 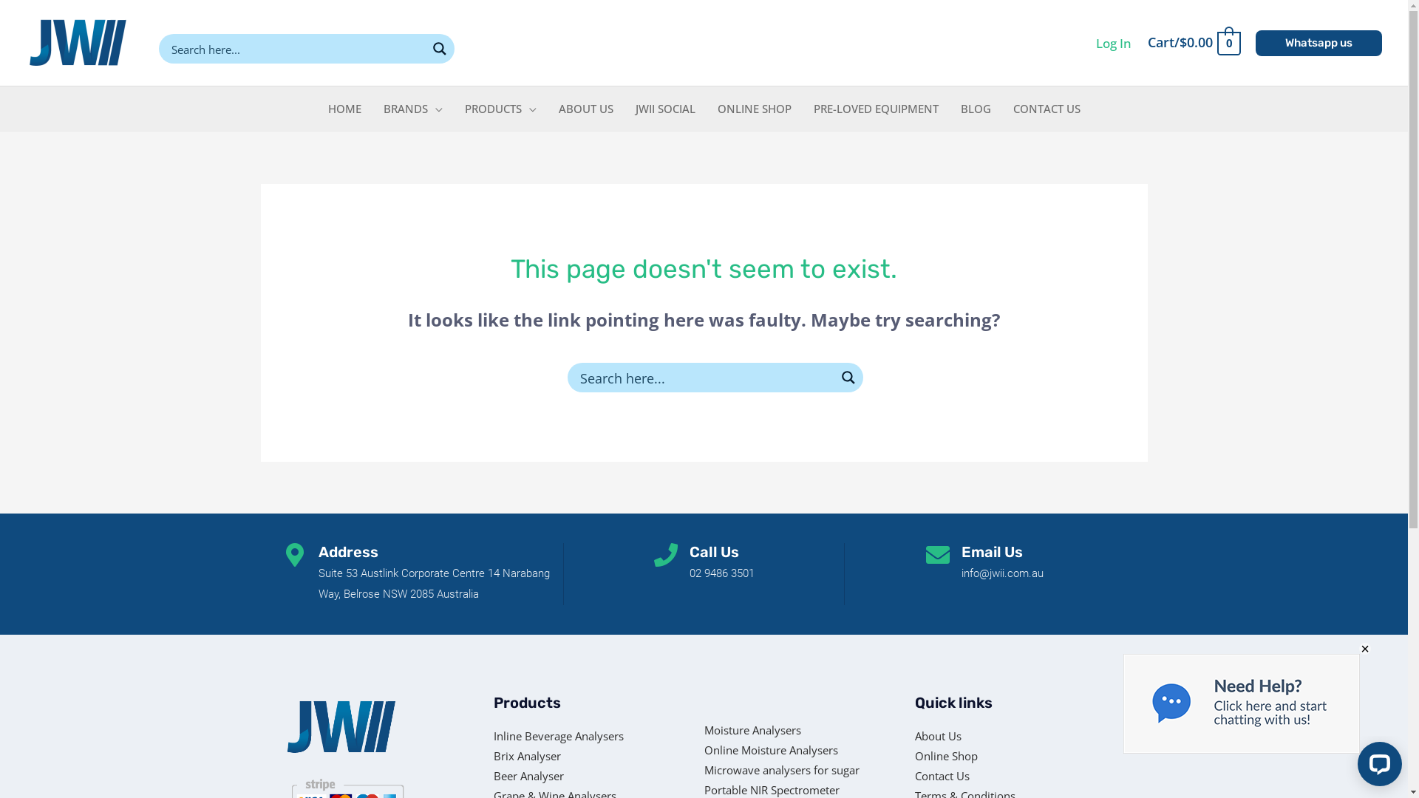 I want to click on 'About Us', so click(x=964, y=736).